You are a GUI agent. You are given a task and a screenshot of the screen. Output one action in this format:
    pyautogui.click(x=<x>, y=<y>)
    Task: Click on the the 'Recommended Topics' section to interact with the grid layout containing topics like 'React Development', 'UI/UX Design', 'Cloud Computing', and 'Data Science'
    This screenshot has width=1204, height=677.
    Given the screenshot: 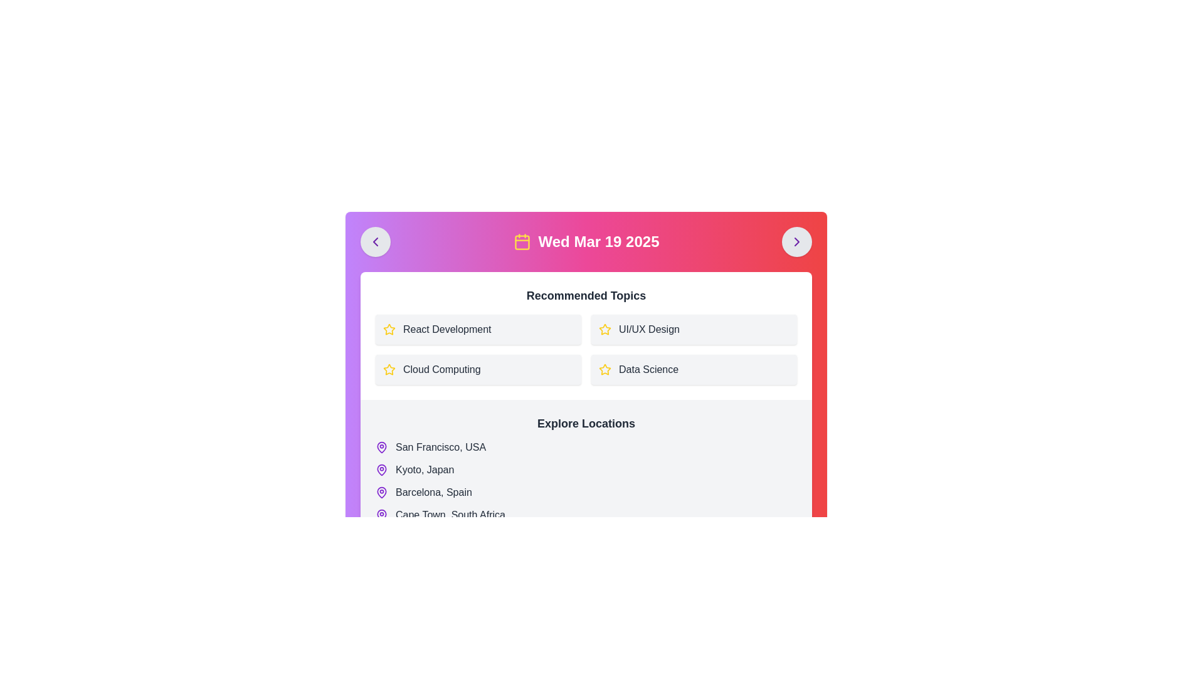 What is the action you would take?
    pyautogui.click(x=586, y=335)
    